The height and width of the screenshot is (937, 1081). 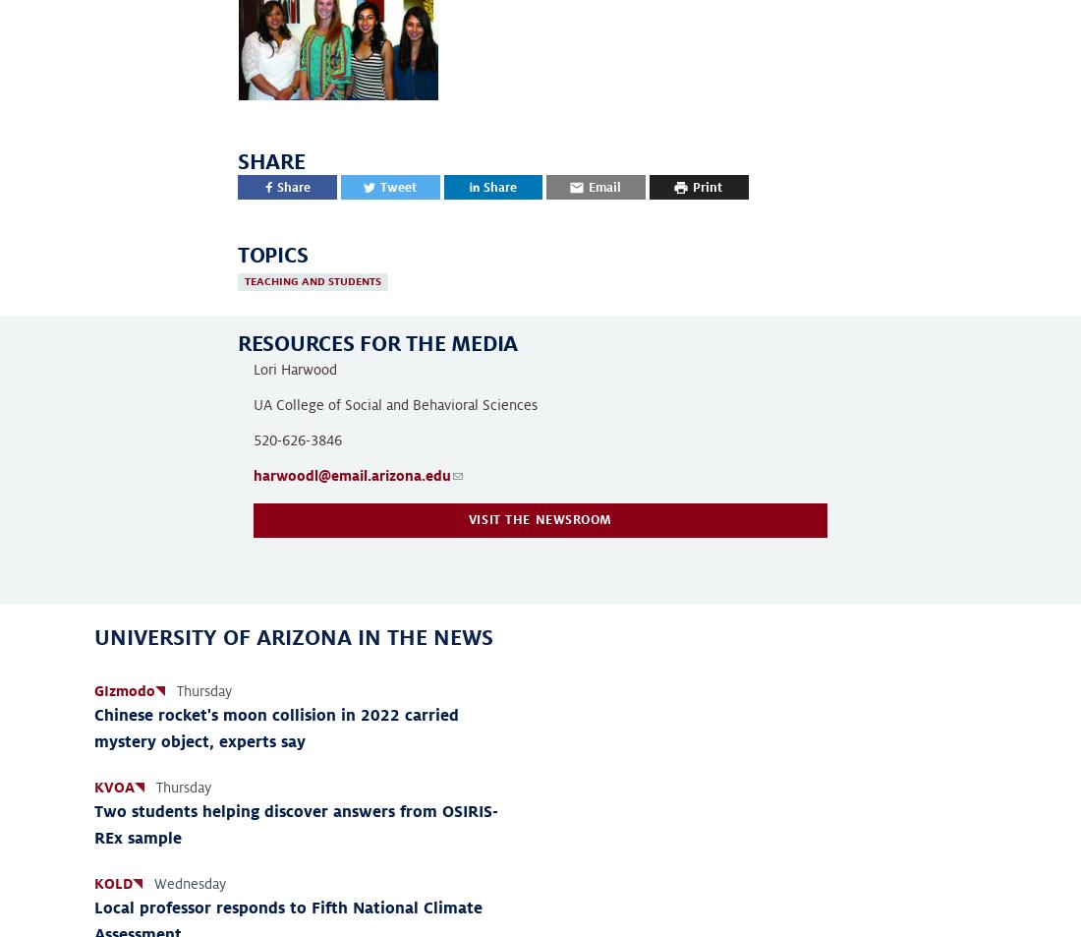 What do you see at coordinates (297, 438) in the screenshot?
I see `'520-626-3846'` at bounding box center [297, 438].